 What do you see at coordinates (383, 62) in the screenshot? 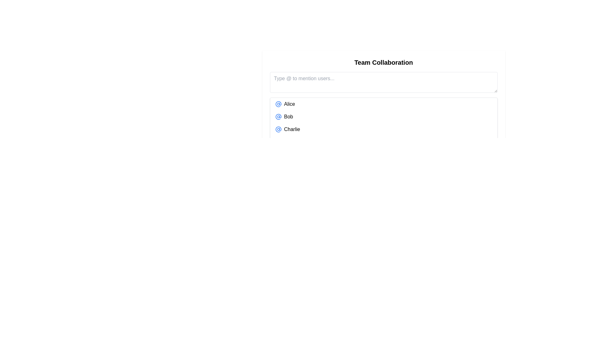
I see `the Text Label that serves as a title or heading at the top of the section containing an input field and a list of users` at bounding box center [383, 62].